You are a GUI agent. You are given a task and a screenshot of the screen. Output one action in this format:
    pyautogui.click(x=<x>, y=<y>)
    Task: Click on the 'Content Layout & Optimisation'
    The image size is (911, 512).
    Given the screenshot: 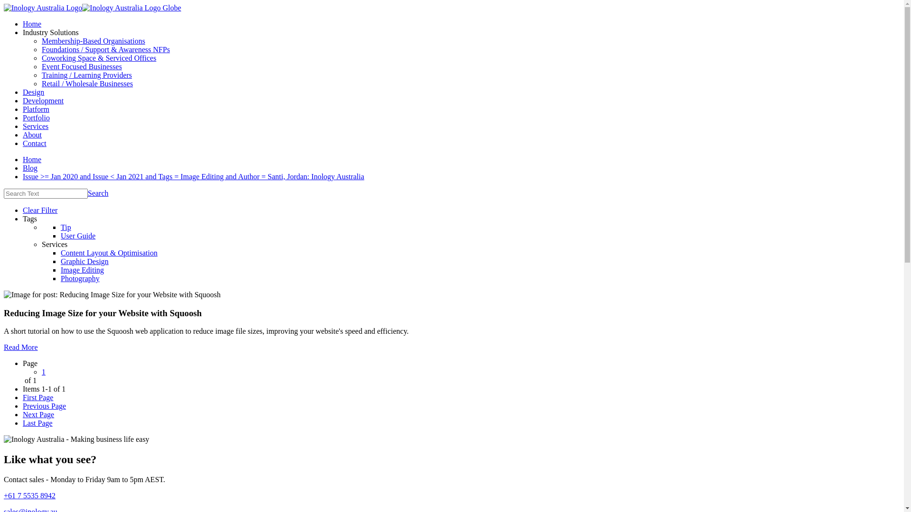 What is the action you would take?
    pyautogui.click(x=109, y=252)
    